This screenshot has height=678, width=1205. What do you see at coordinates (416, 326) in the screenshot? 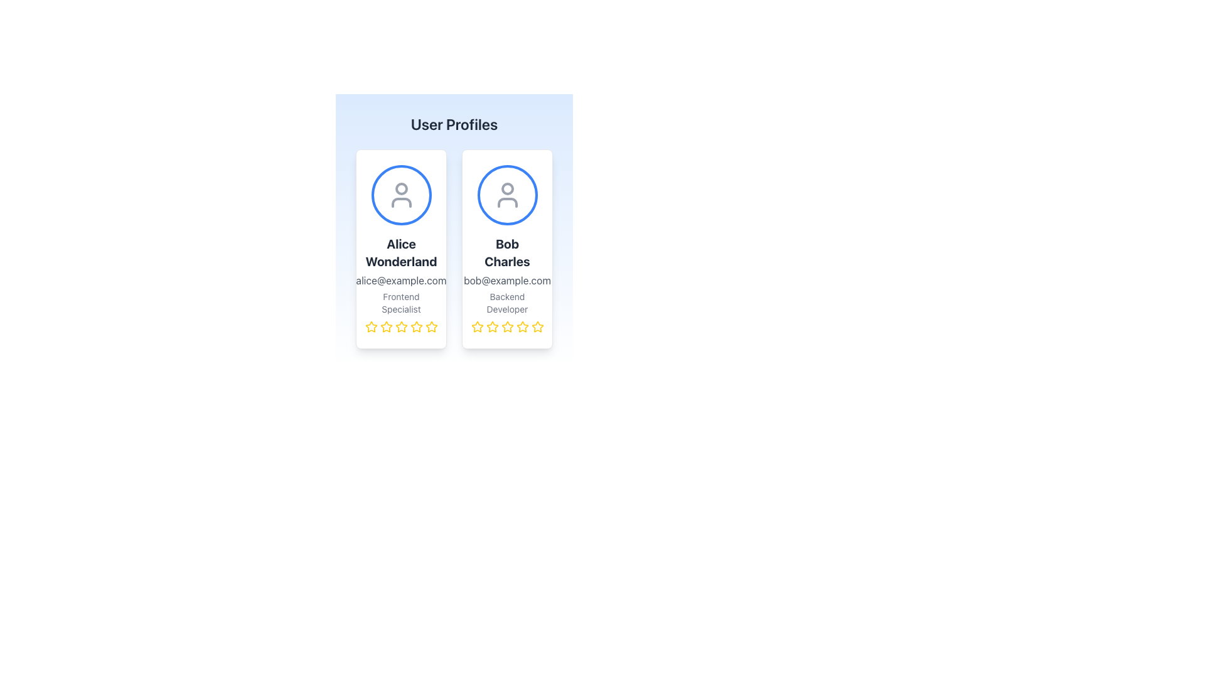
I see `the sixth star icon in the row of 7 rating stars in the lower section of Bob Charles's user profile card` at bounding box center [416, 326].